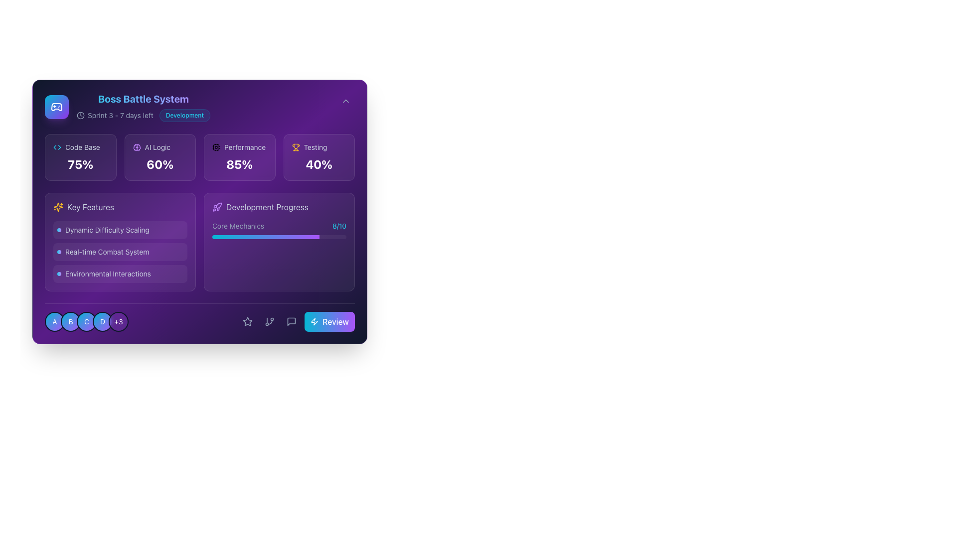 The height and width of the screenshot is (538, 957). I want to click on the cyan icon resembling a pair of angle brackets, which is part of the 'Code Base' section, located to the left of the 'Code Base' label and above the '75%' percentage value, so click(57, 147).